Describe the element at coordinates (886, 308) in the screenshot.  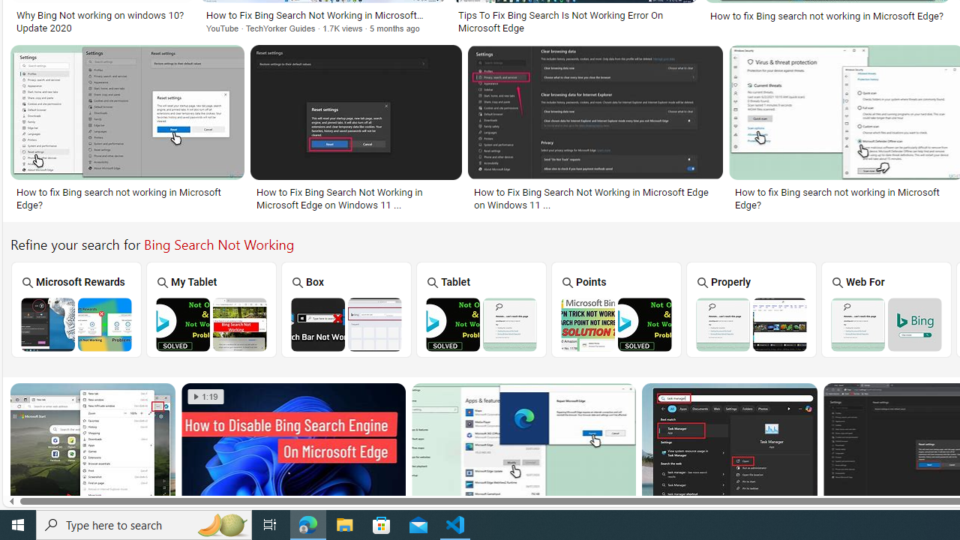
I see `'Bing Search the Web for Image Not Working Web For'` at that location.